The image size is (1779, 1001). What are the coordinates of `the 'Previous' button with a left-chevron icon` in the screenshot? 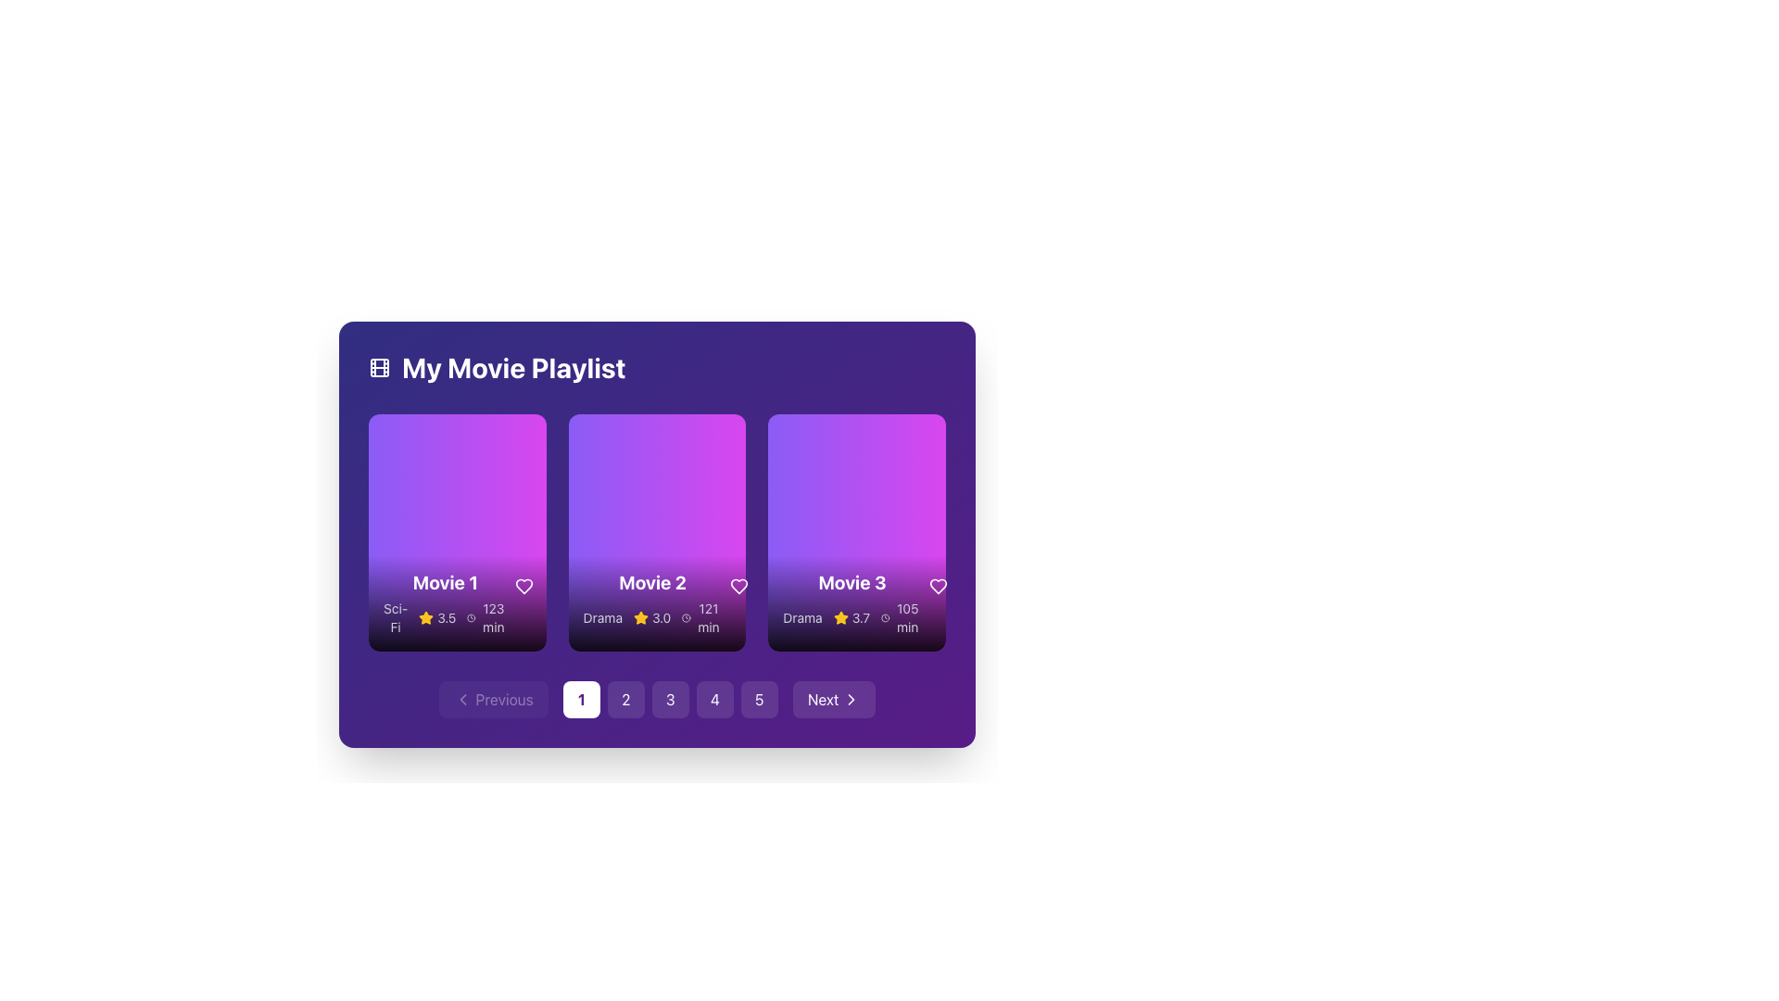 It's located at (493, 700).